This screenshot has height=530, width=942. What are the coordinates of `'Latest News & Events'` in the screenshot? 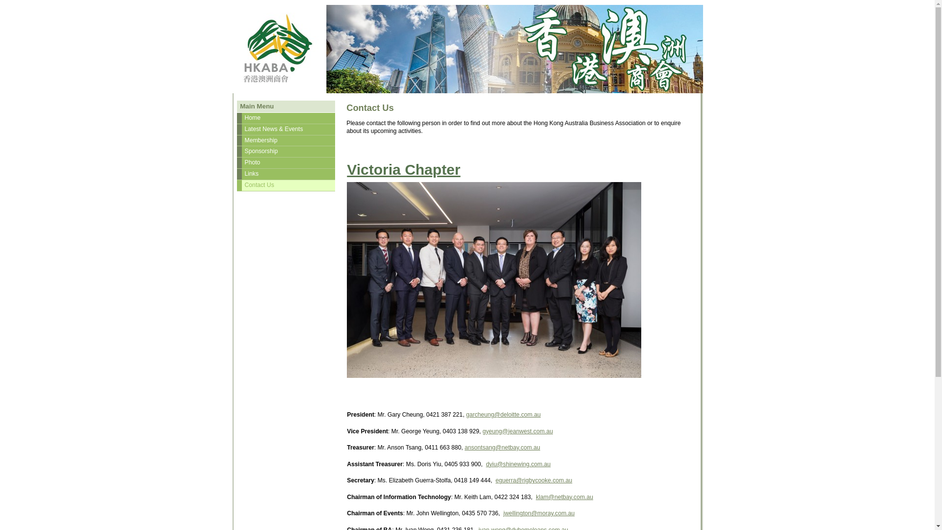 It's located at (285, 129).